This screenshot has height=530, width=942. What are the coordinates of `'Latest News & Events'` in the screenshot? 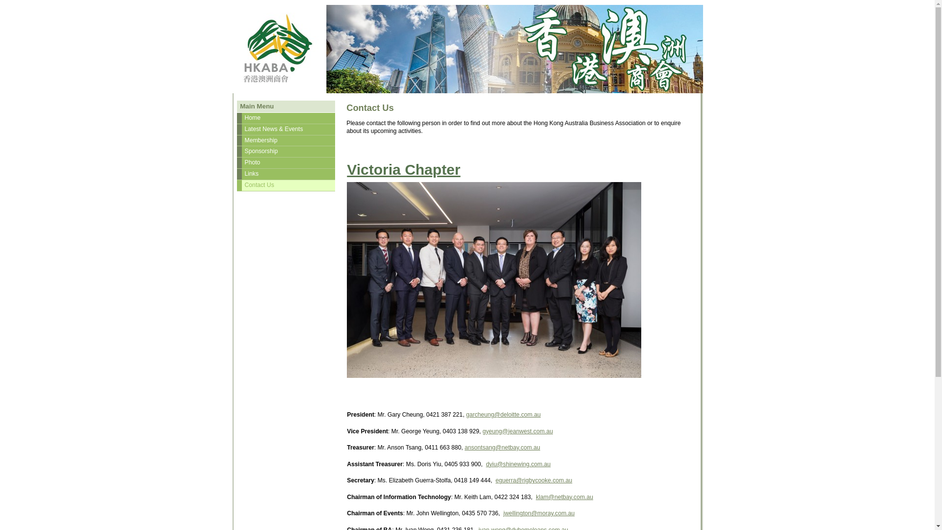 It's located at (285, 129).